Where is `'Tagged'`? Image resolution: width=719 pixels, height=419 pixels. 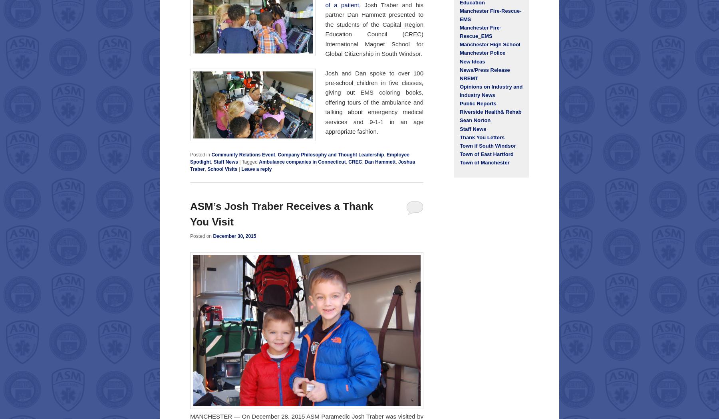
'Tagged' is located at coordinates (249, 161).